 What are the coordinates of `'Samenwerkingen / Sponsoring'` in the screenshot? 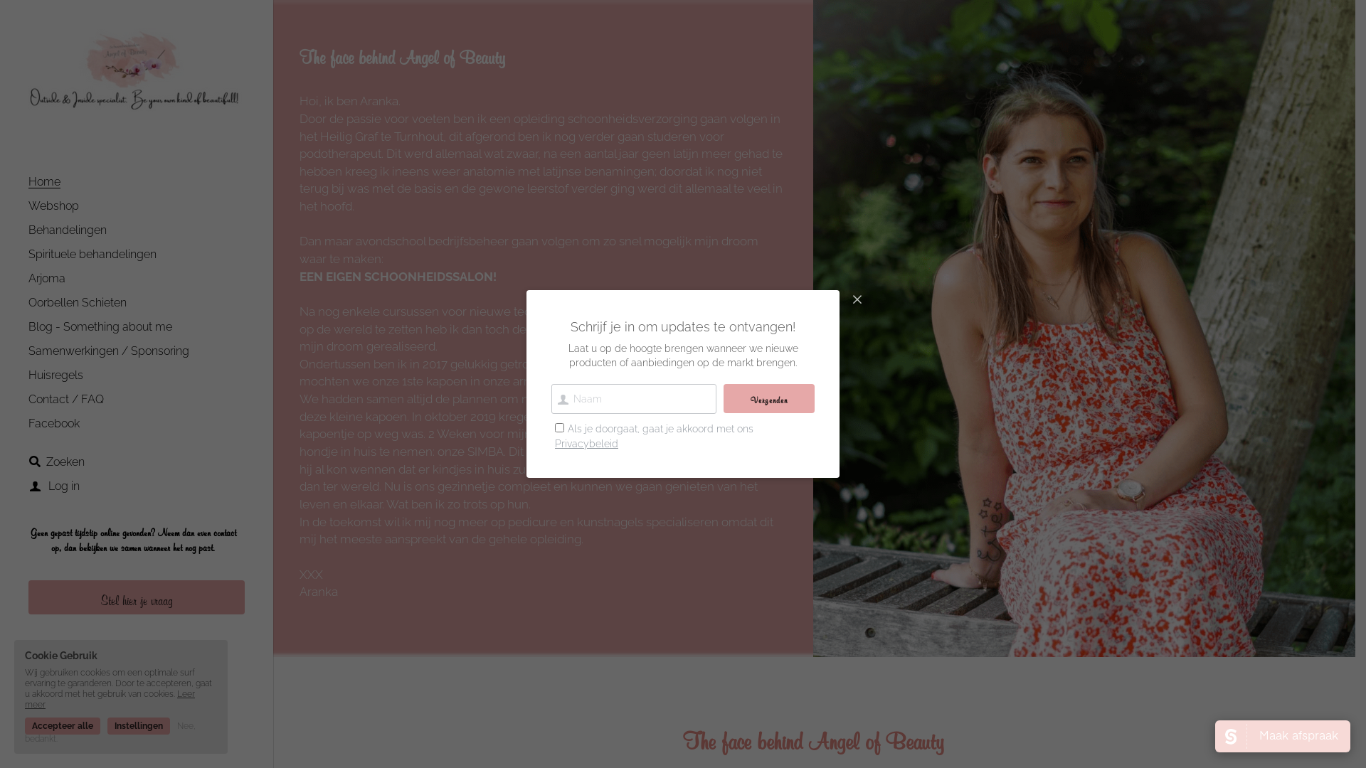 It's located at (108, 351).